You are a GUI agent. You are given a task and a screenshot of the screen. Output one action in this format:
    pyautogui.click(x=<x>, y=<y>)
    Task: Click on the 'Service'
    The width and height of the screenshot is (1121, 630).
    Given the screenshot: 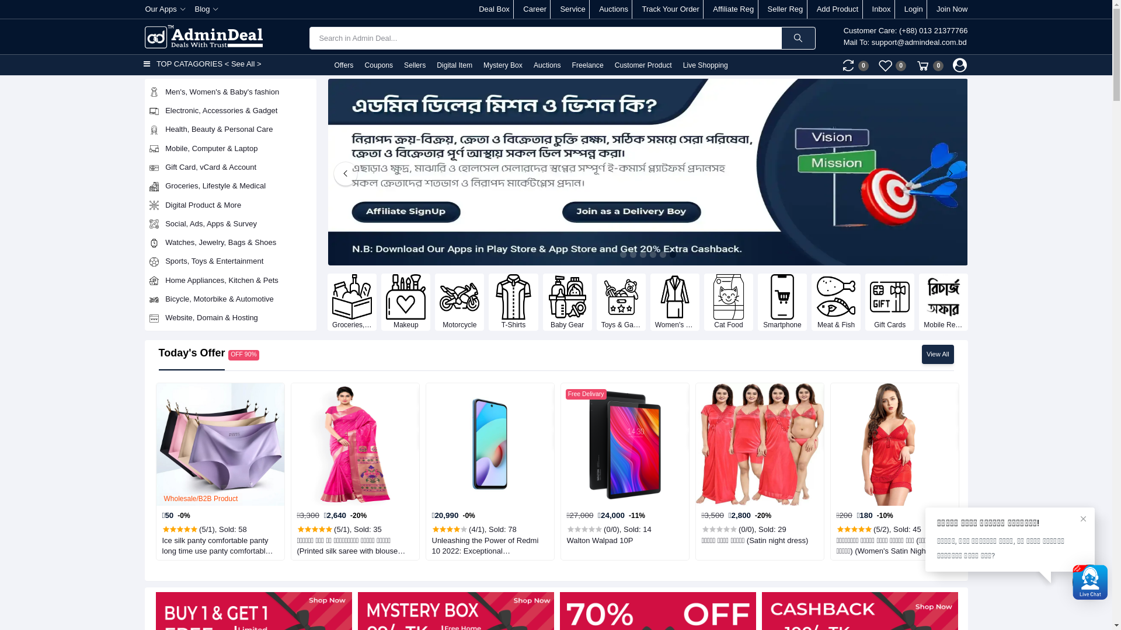 What is the action you would take?
    pyautogui.click(x=572, y=9)
    